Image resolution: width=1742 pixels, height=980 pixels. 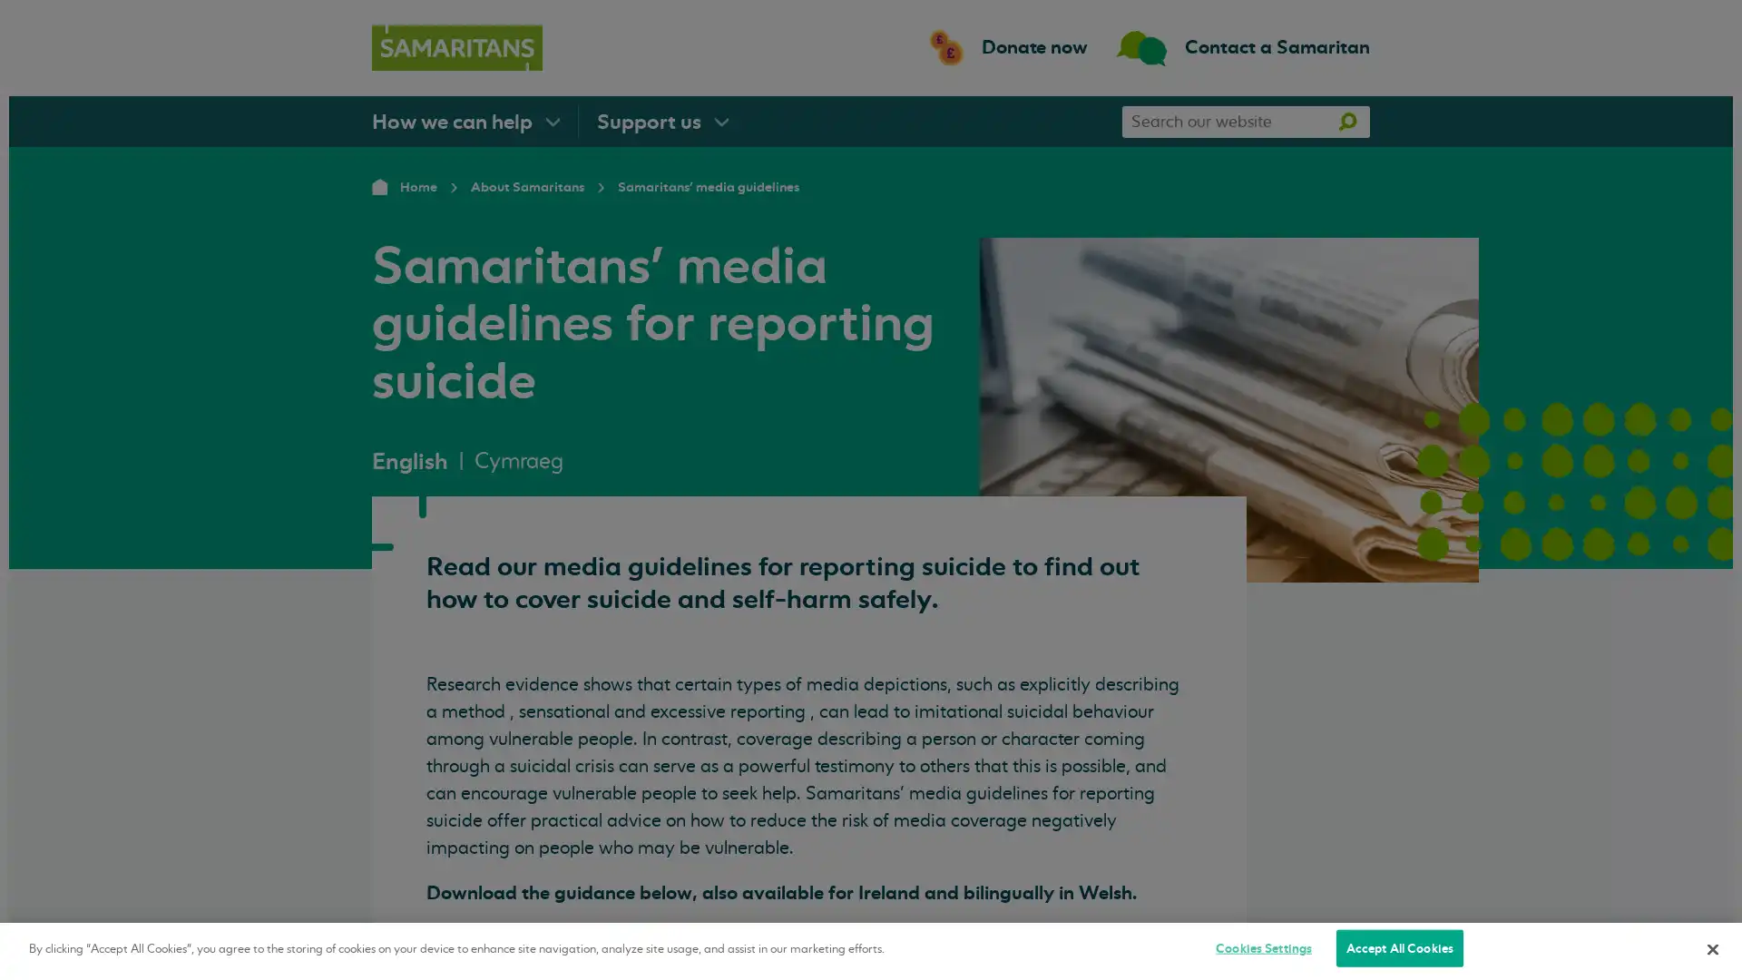 I want to click on Search, so click(x=1346, y=121).